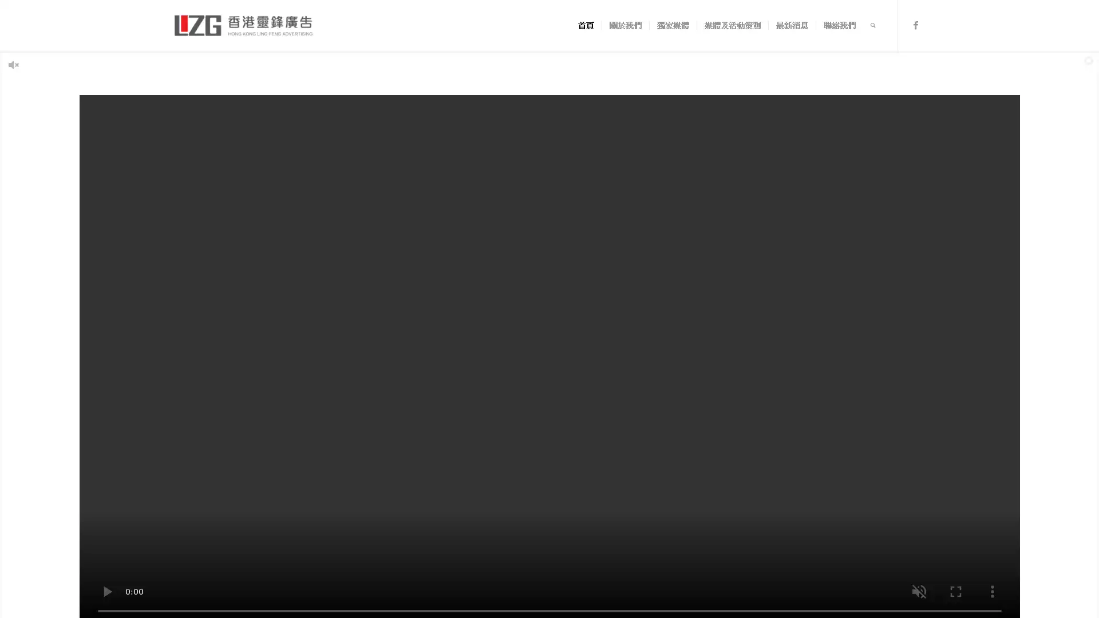 This screenshot has height=618, width=1099. I want to click on unmute, so click(918, 591).